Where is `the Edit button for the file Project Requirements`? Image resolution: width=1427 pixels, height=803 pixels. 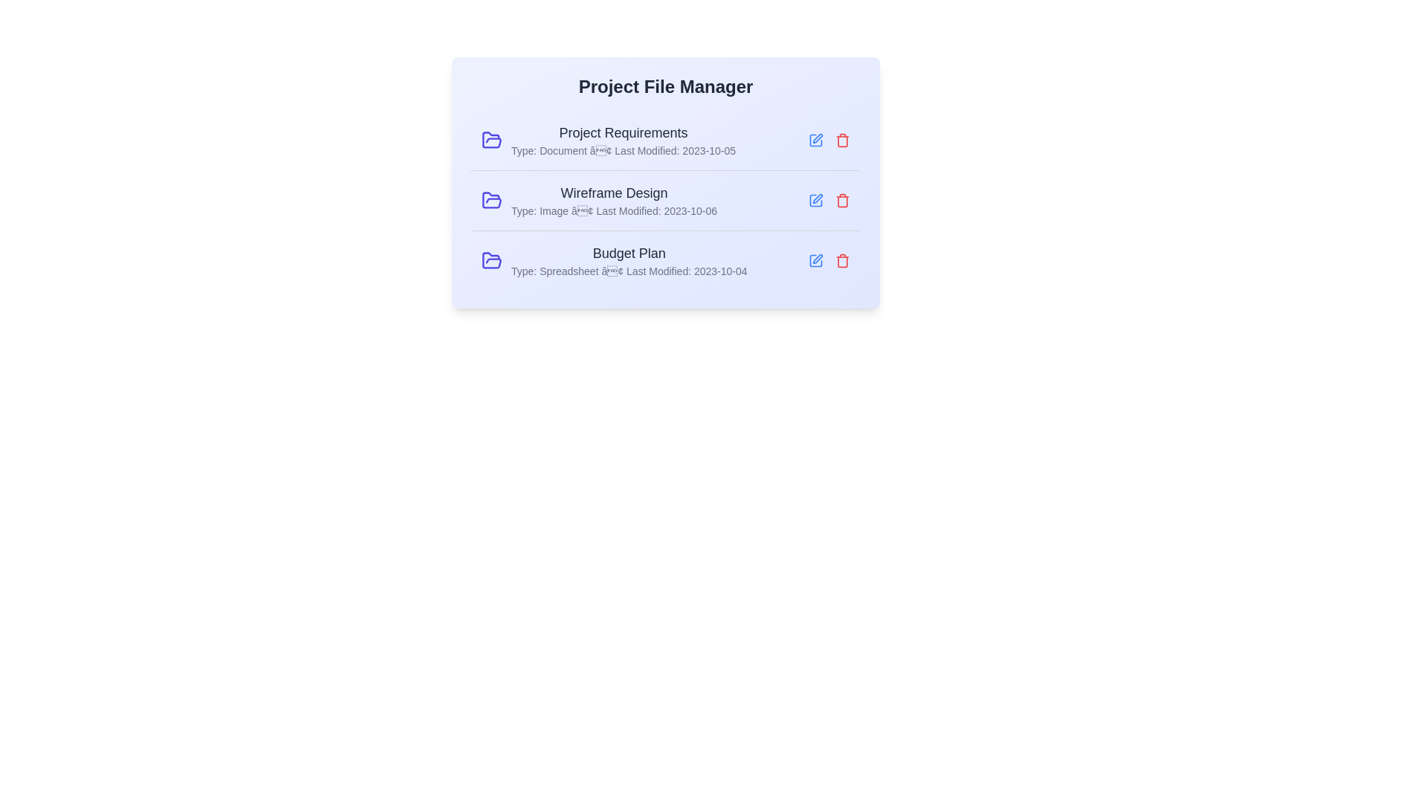 the Edit button for the file Project Requirements is located at coordinates (815, 141).